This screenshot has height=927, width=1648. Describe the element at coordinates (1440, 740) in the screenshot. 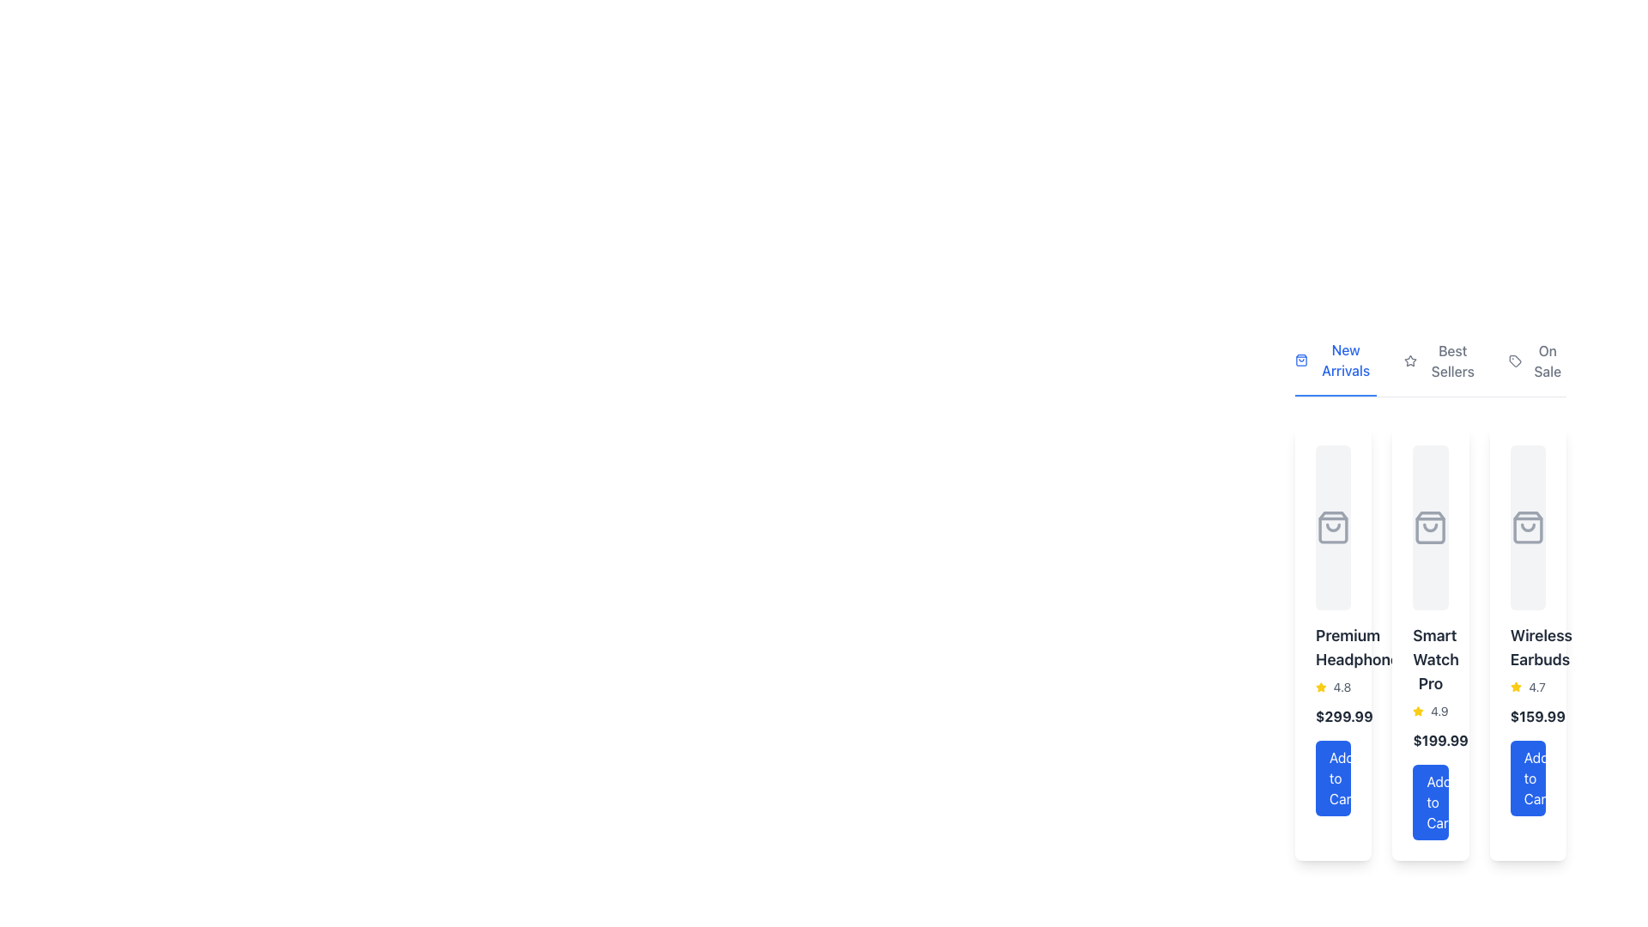

I see `the price label displaying '$199.99' which is centrally located in the second product card above the 'Add to Cart' button` at that location.